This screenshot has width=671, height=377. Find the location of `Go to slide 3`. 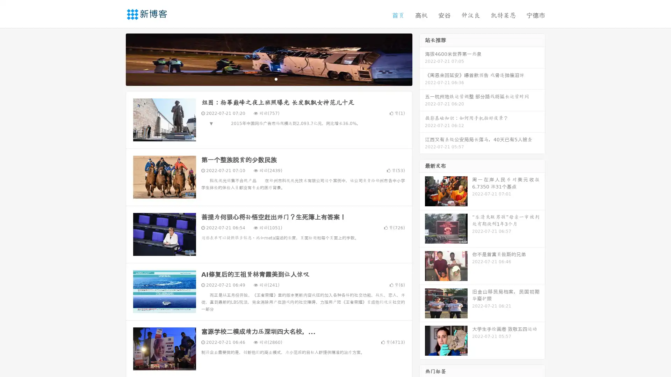

Go to slide 3 is located at coordinates (276, 79).